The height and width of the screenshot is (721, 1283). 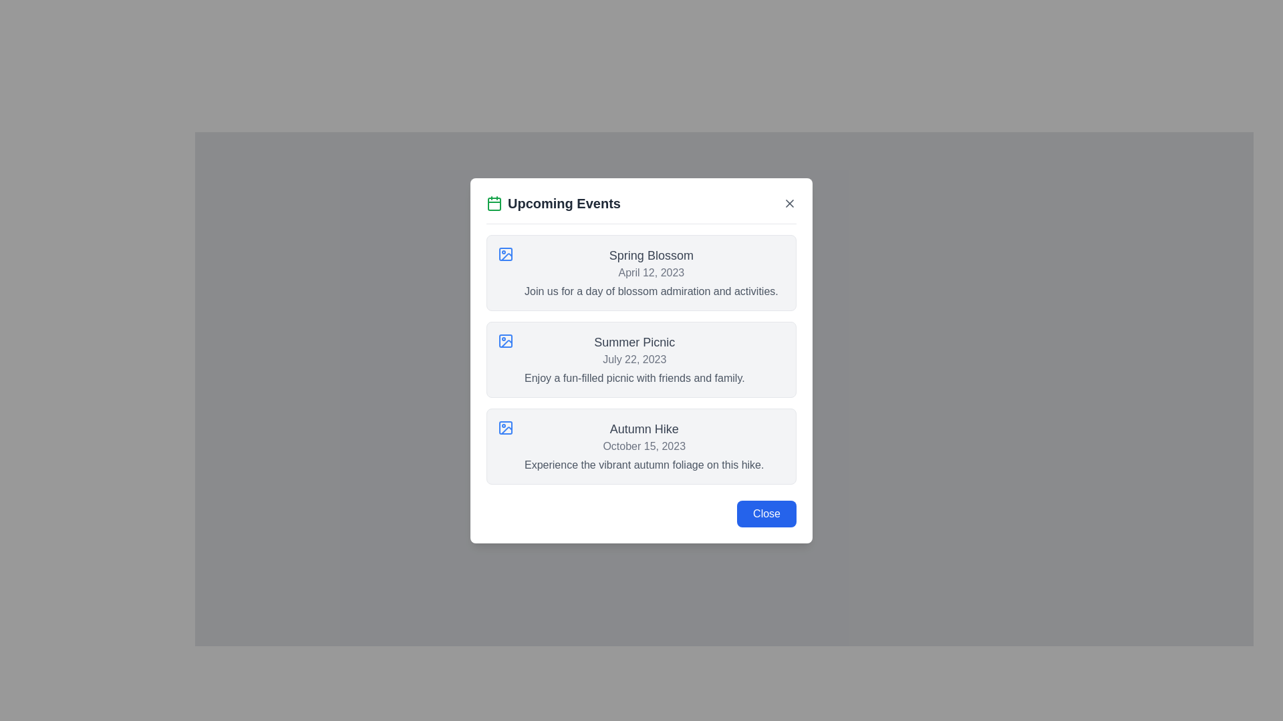 What do you see at coordinates (789, 203) in the screenshot?
I see `the close button represented by a cross ('X') icon located at the top-right corner of the 'Upcoming Events' header section` at bounding box center [789, 203].